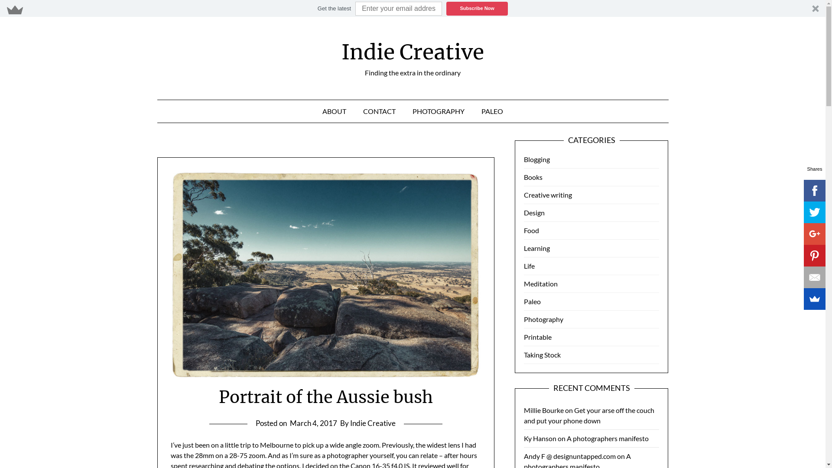 This screenshot has height=468, width=832. What do you see at coordinates (542, 354) in the screenshot?
I see `'Taking Stock'` at bounding box center [542, 354].